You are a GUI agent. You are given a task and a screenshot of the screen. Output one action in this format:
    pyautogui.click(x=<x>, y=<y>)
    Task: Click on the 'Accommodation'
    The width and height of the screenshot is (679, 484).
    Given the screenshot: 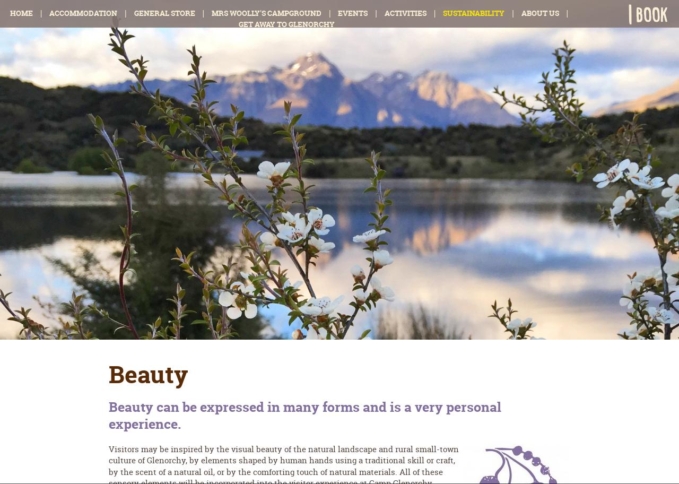 What is the action you would take?
    pyautogui.click(x=49, y=13)
    